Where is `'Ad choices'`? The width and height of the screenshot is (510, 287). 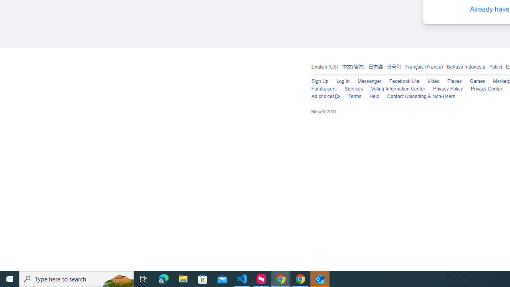 'Ad choices' is located at coordinates (326, 96).